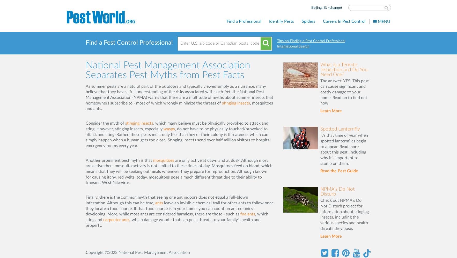 The width and height of the screenshot is (457, 258). I want to click on 'Another prominent pest myth is that', so click(85, 160).